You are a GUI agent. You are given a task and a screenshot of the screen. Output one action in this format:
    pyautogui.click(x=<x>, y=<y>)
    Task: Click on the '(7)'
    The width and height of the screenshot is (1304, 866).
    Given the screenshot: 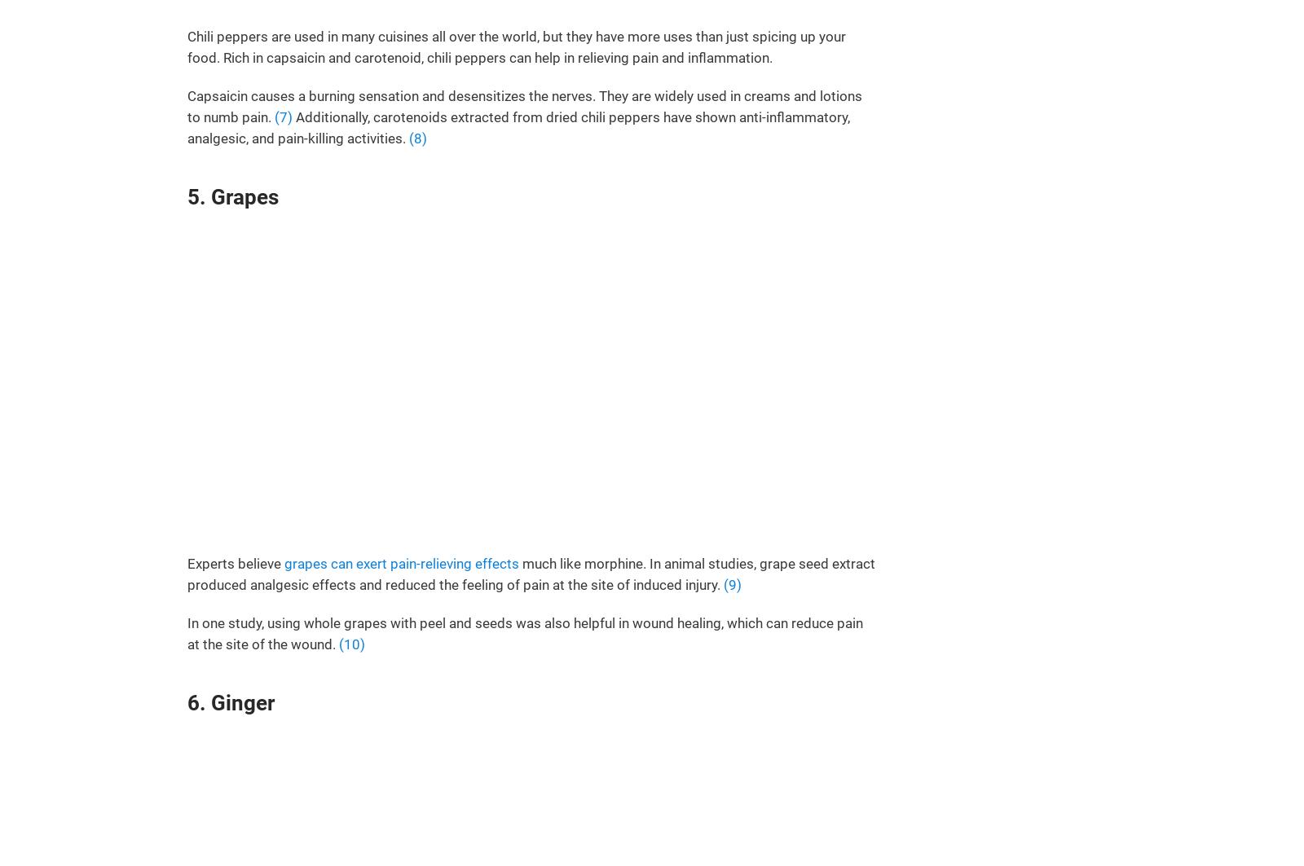 What is the action you would take?
    pyautogui.click(x=284, y=116)
    